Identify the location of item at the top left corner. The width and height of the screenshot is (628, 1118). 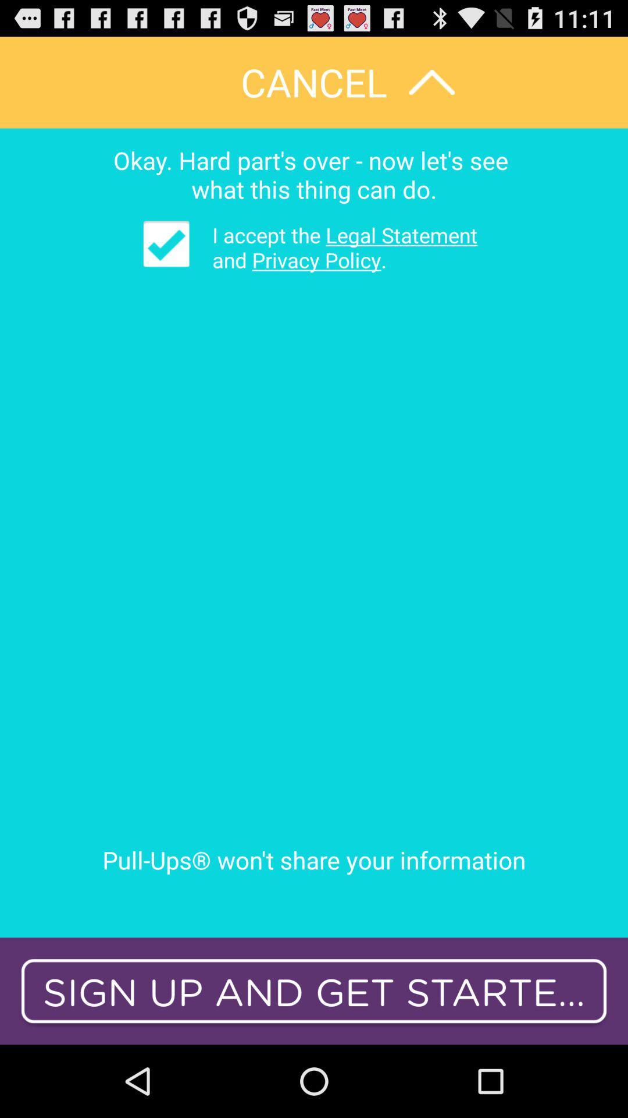
(166, 243).